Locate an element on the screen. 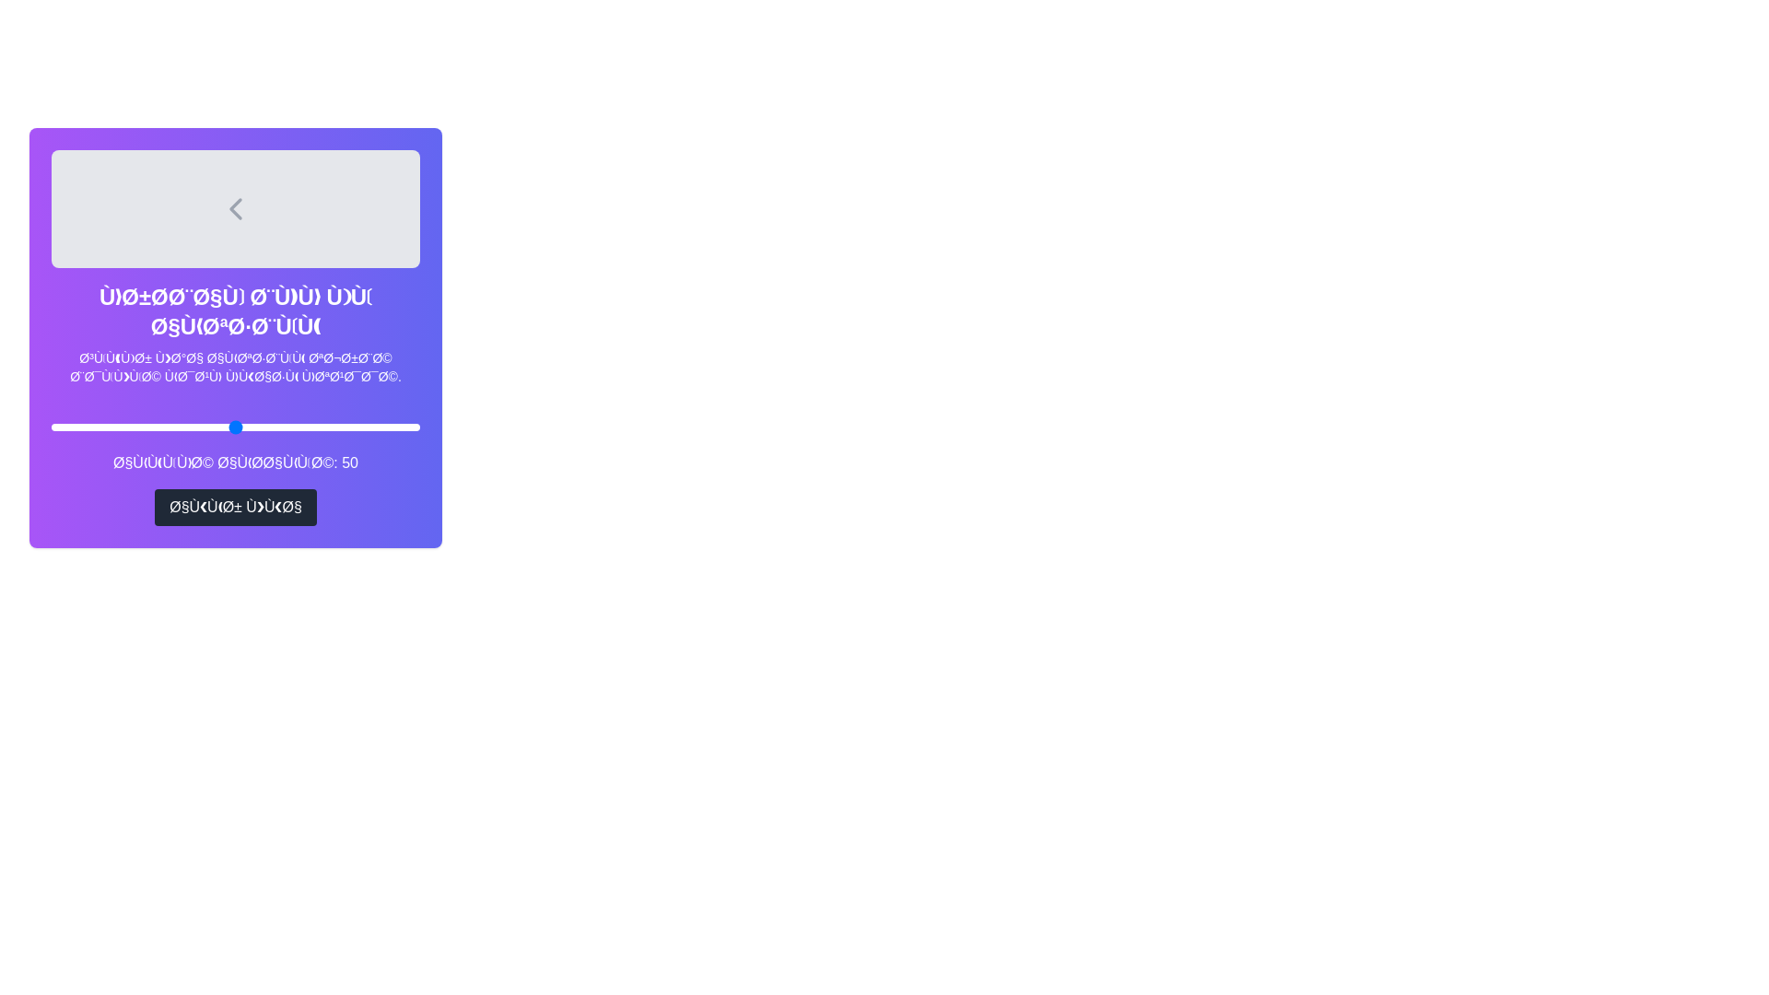 The width and height of the screenshot is (1769, 995). the slider value is located at coordinates (123, 427).